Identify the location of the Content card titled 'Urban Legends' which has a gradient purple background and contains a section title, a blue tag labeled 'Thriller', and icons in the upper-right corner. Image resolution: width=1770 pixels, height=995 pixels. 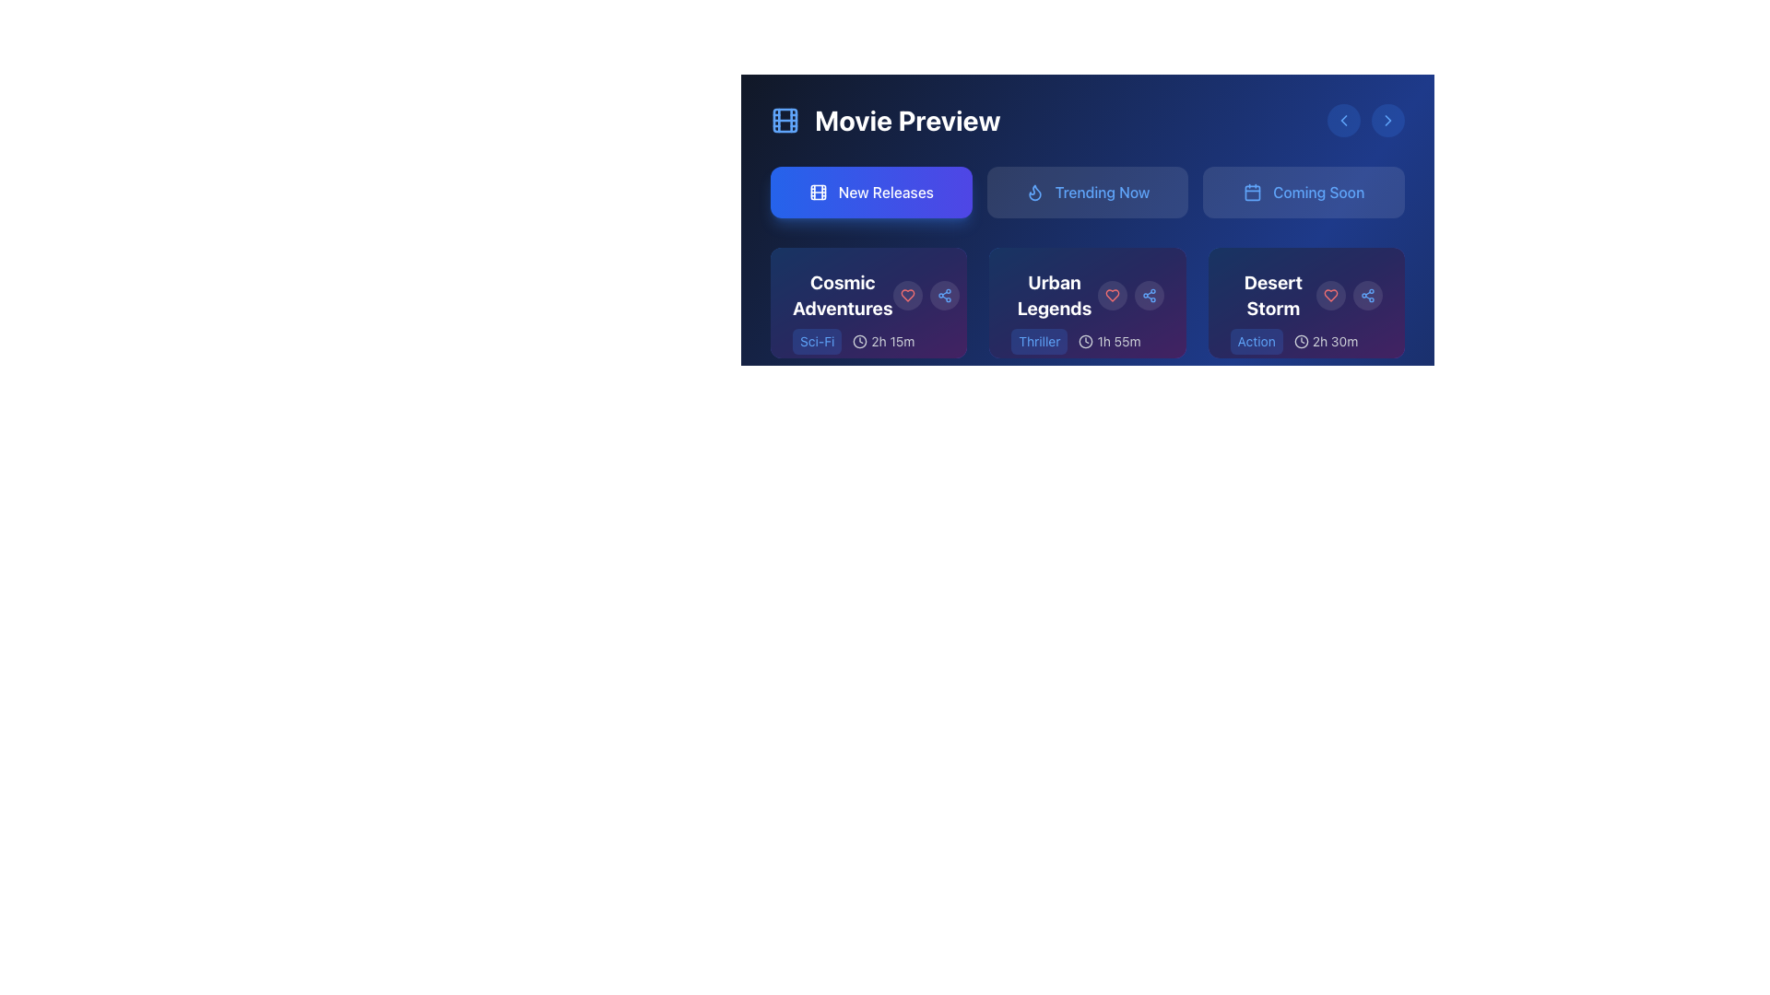
(1088, 301).